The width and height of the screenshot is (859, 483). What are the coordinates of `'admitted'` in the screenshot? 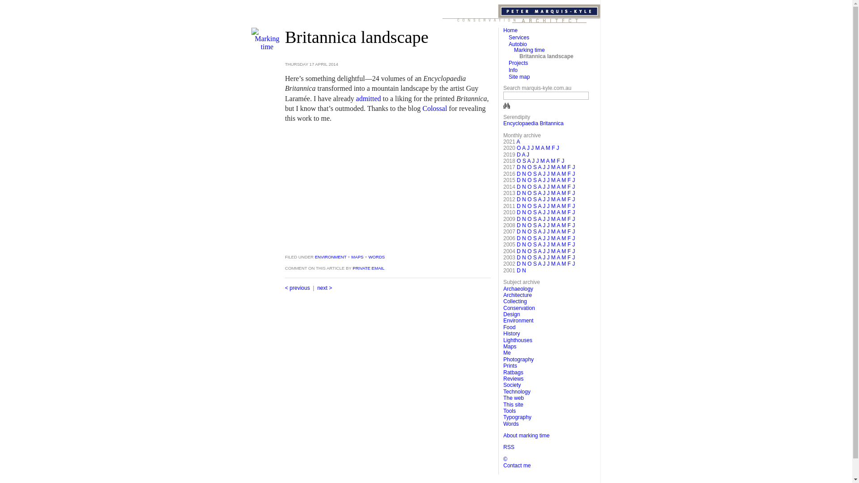 It's located at (369, 98).